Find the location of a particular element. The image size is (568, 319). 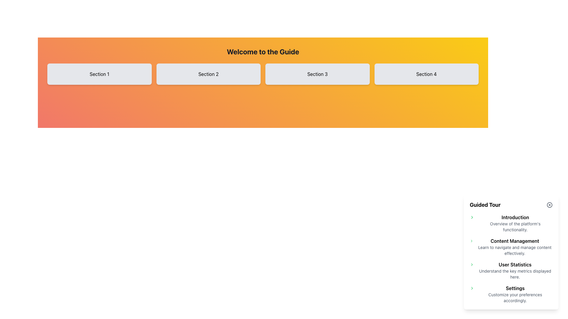

the 'Settings' element, which is a composite of a header text, body description text, and an arrow icon, located at the bottom of the guided tour list is located at coordinates (511, 294).